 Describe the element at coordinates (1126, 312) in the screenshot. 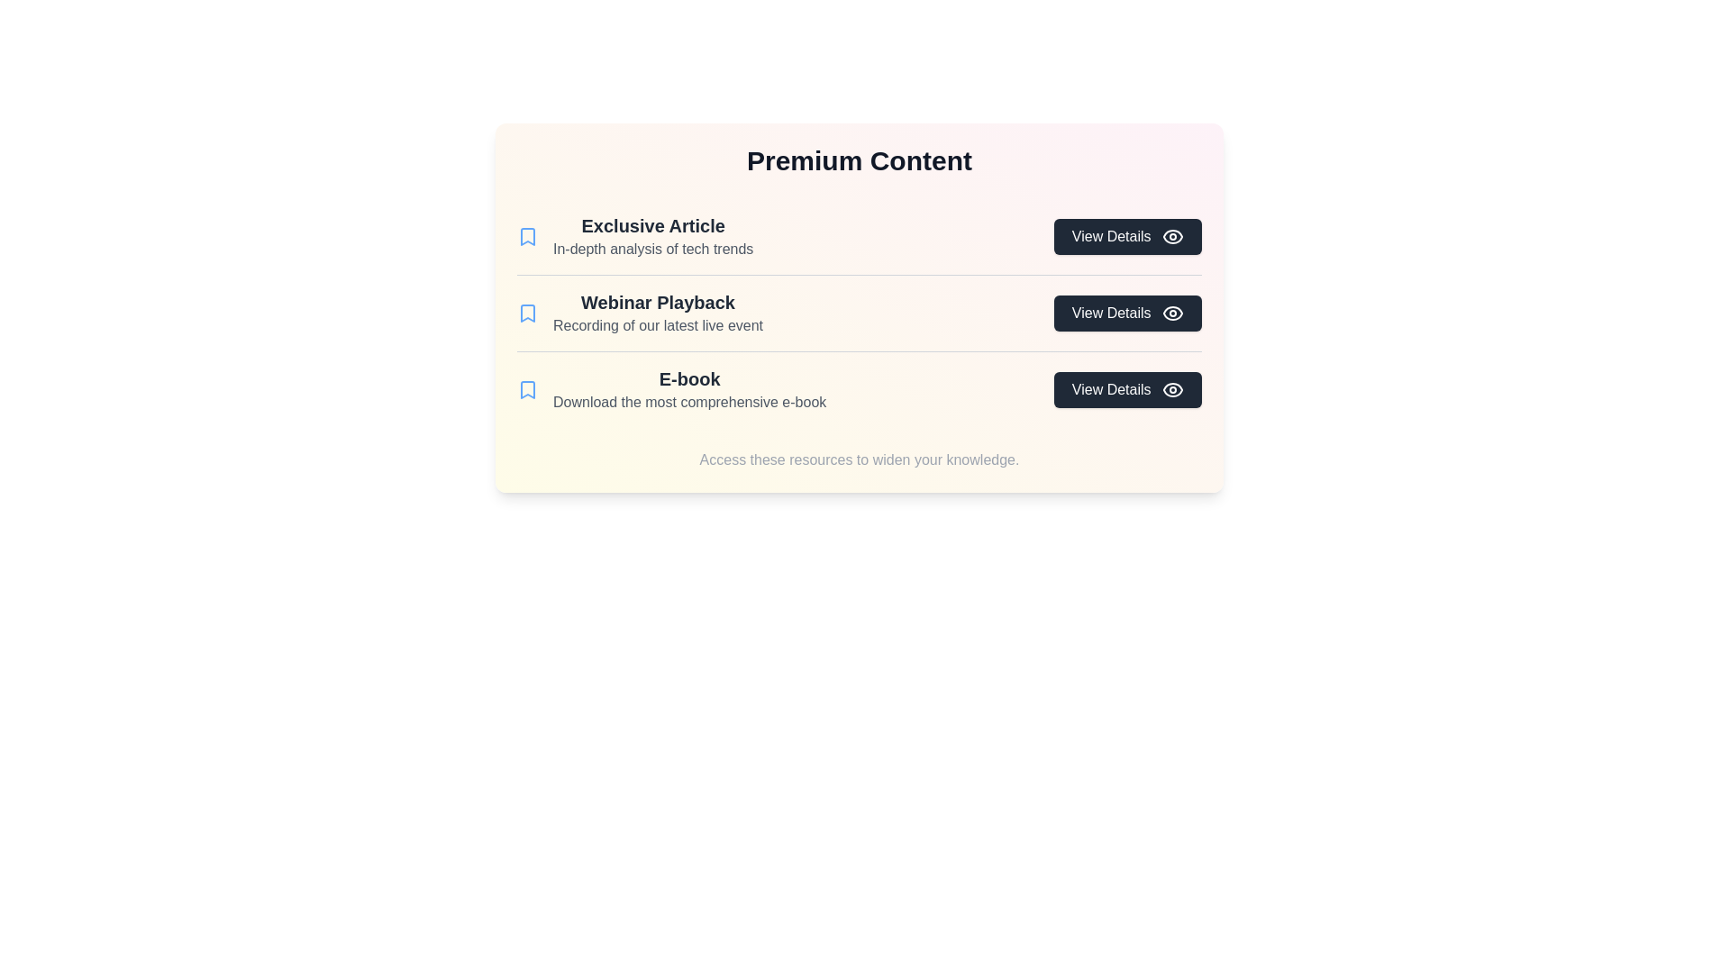

I see `the 'View Details' button for the content item Webinar Playback` at that location.